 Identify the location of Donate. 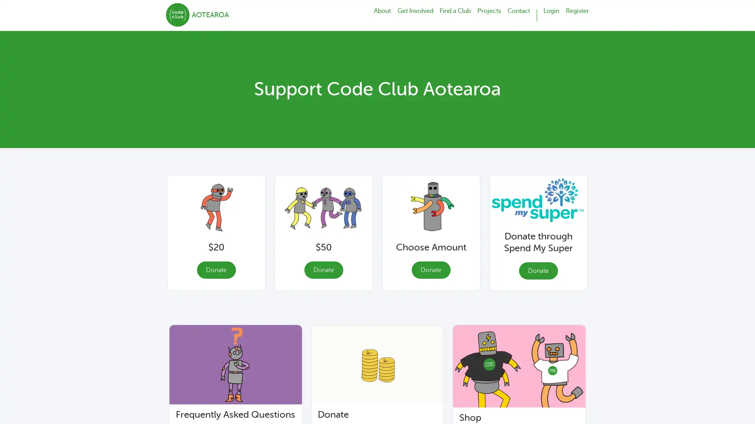
(216, 269).